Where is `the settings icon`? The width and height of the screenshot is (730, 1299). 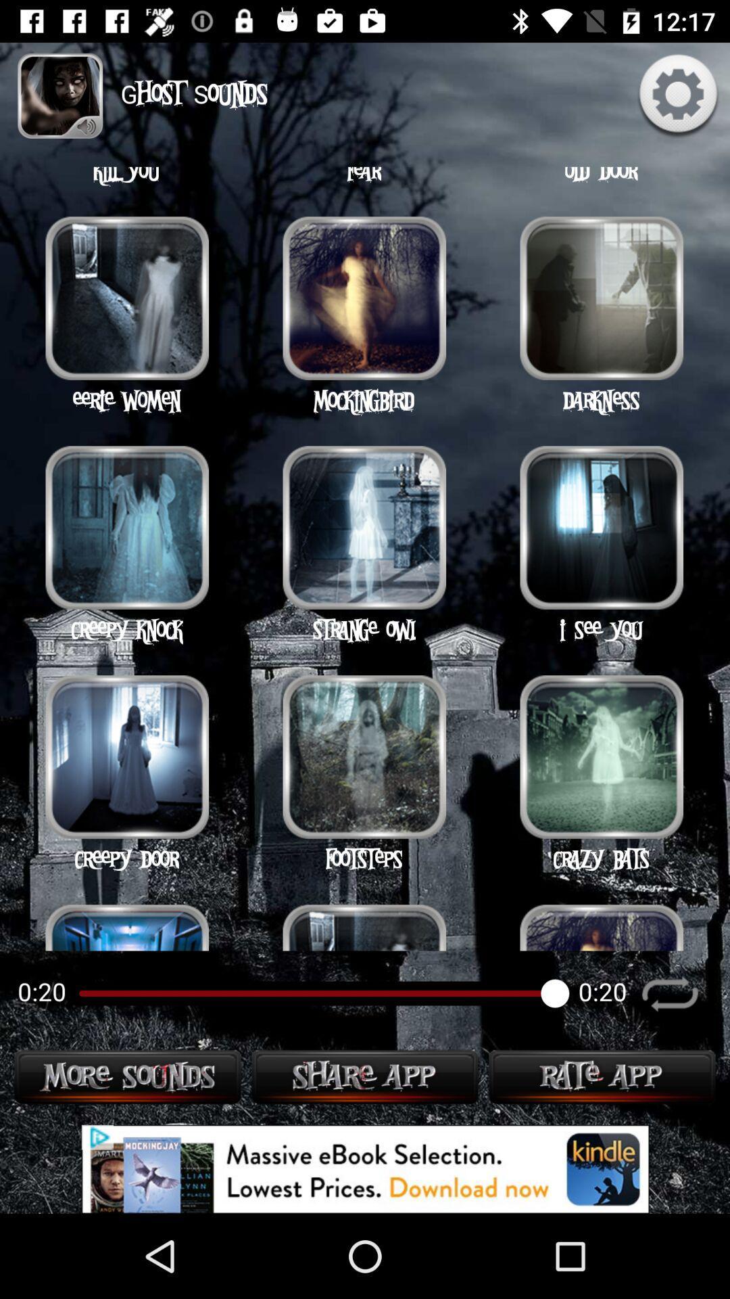
the settings icon is located at coordinates (678, 95).